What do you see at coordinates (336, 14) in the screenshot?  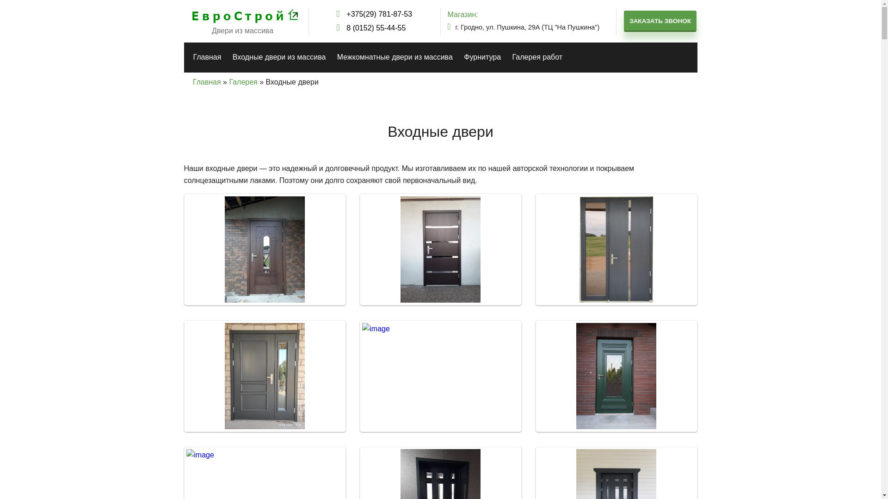 I see `'+375(29) 781-87-53'` at bounding box center [336, 14].